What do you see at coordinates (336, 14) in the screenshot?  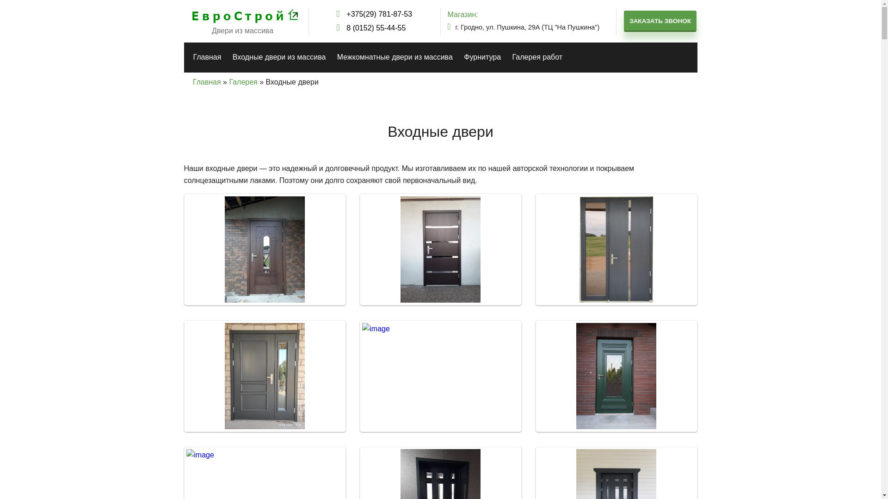 I see `'+375(29) 781-87-53'` at bounding box center [336, 14].